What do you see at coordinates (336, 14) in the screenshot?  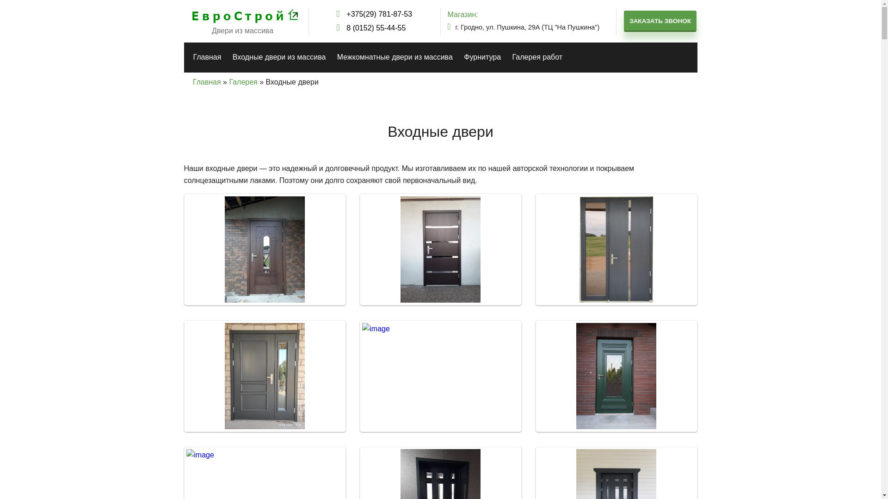 I see `'+375(29) 781-87-53'` at bounding box center [336, 14].